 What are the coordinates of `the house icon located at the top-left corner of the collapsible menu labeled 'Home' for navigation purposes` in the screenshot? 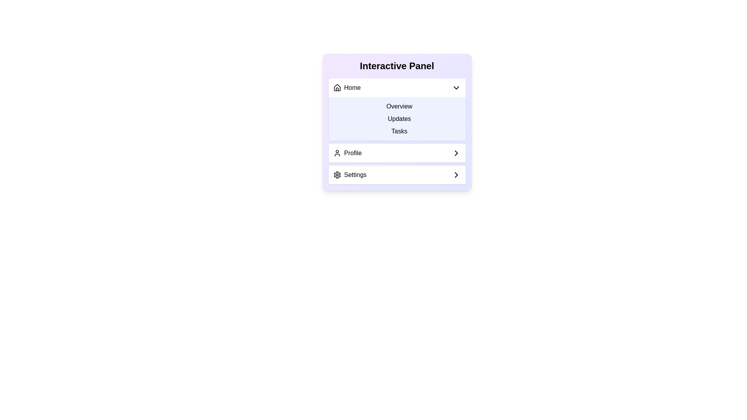 It's located at (337, 87).